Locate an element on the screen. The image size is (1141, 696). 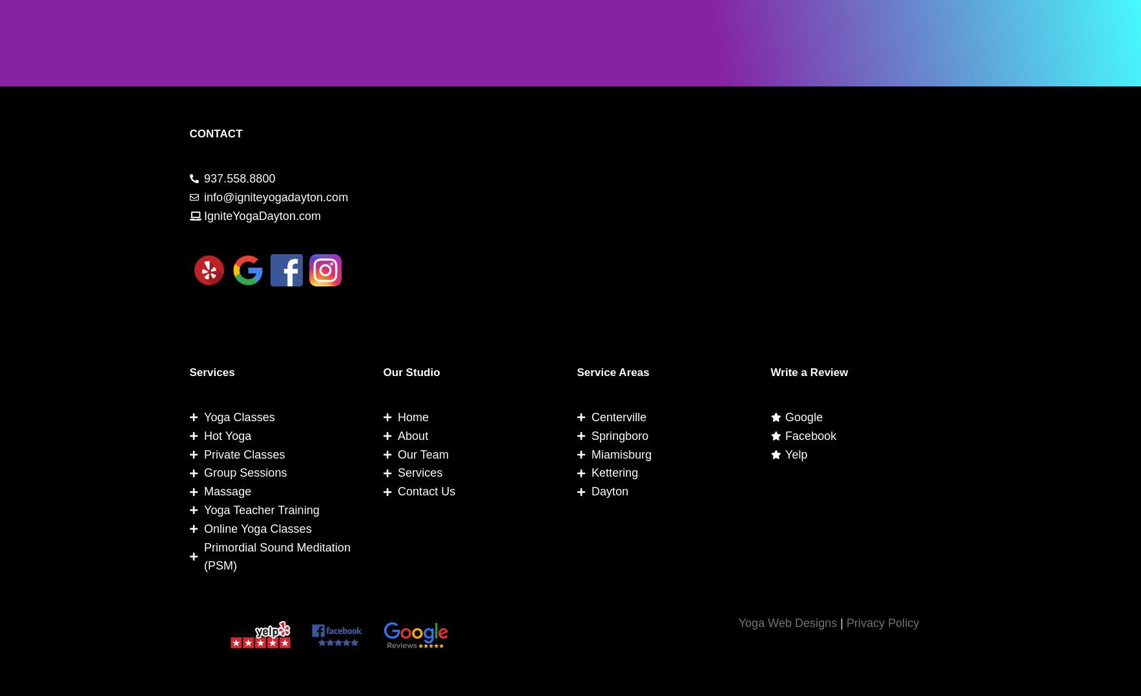
'Yoga Web Designs' is located at coordinates (788, 622).